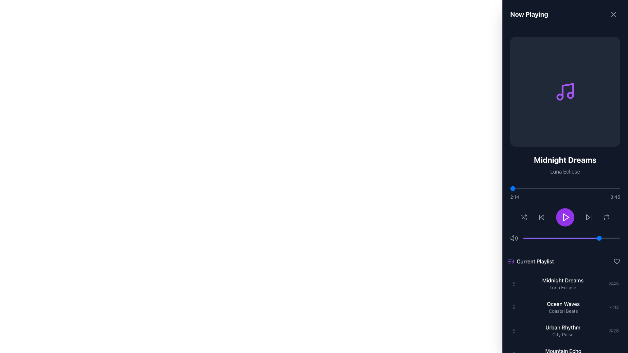 Image resolution: width=628 pixels, height=353 pixels. I want to click on the 'play' button located in the purple circular button in the center of the media control area, so click(565, 217).